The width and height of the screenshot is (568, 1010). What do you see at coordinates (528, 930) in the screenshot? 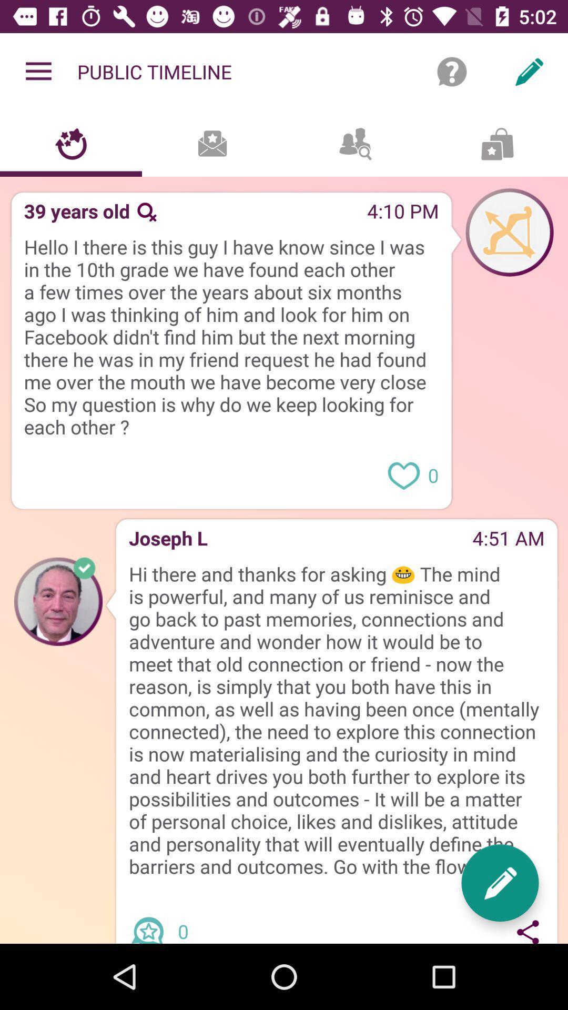
I see `share the selected message` at bounding box center [528, 930].